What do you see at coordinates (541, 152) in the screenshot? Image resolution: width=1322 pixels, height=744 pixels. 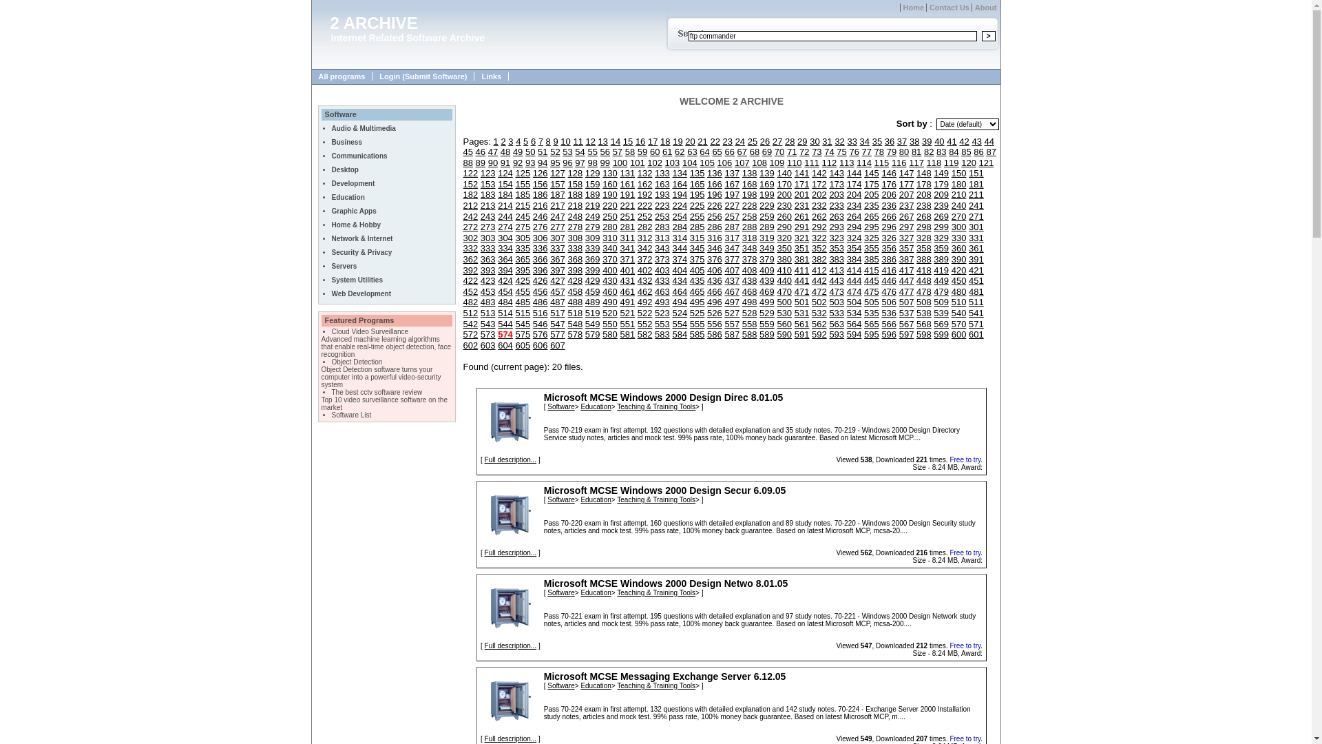 I see `'51'` at bounding box center [541, 152].